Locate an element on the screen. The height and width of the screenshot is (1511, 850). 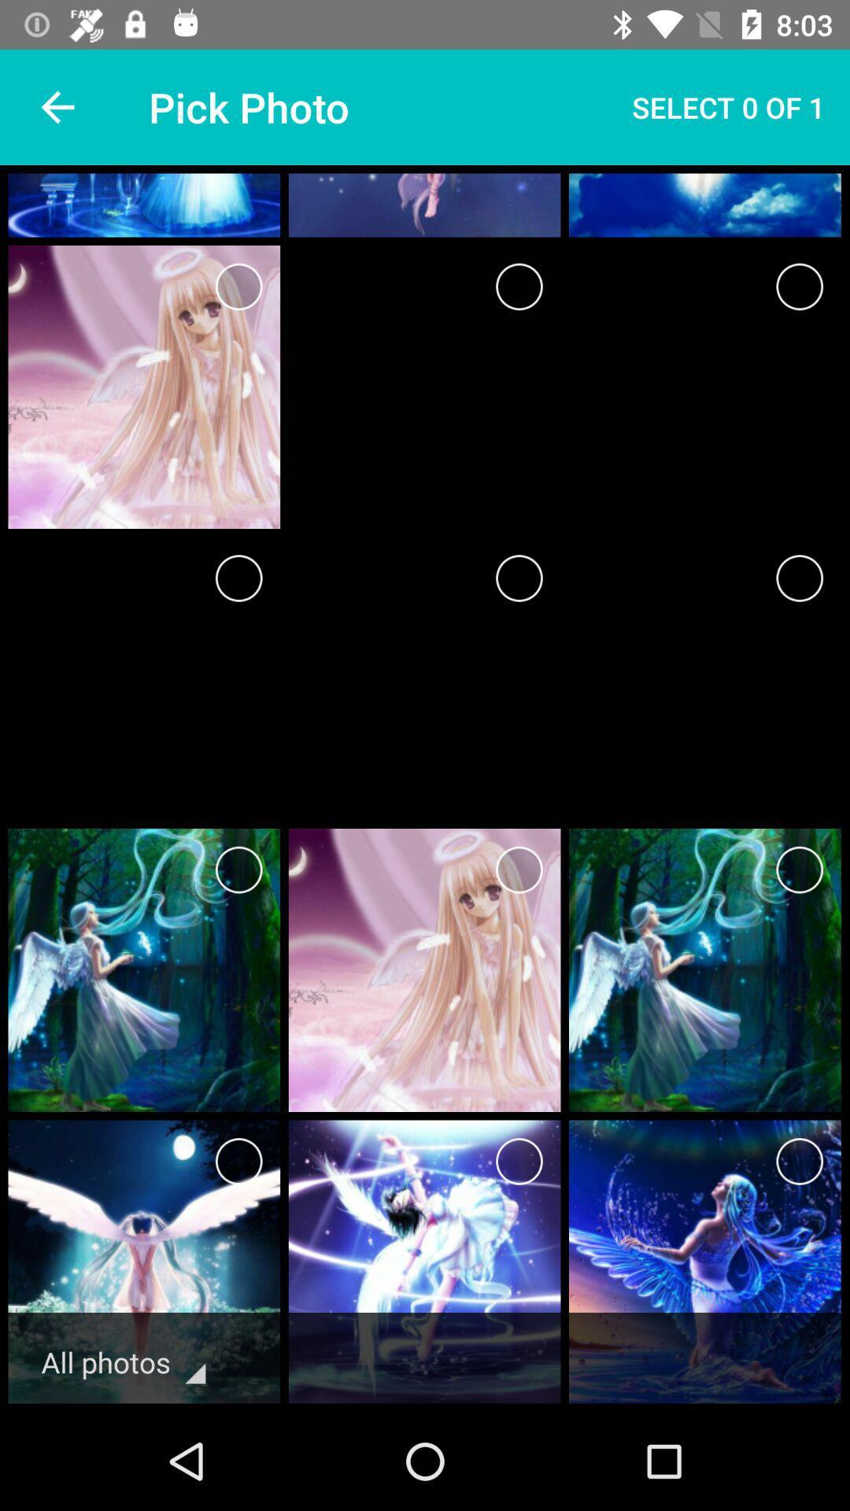
pick image option is located at coordinates (800, 286).